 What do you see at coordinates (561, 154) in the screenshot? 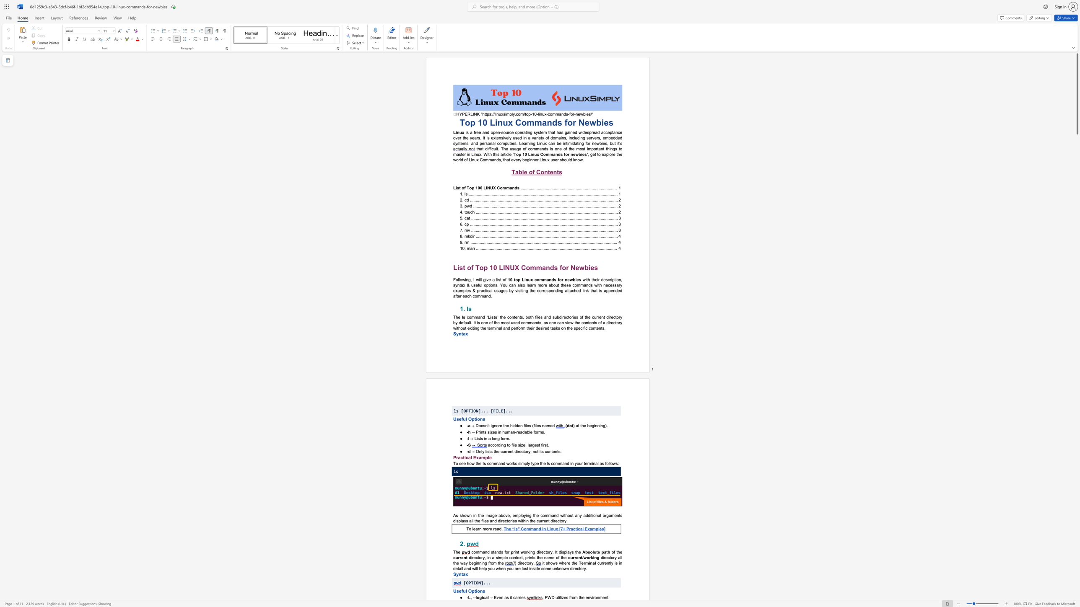
I see `the 1th character "s" in the text` at bounding box center [561, 154].